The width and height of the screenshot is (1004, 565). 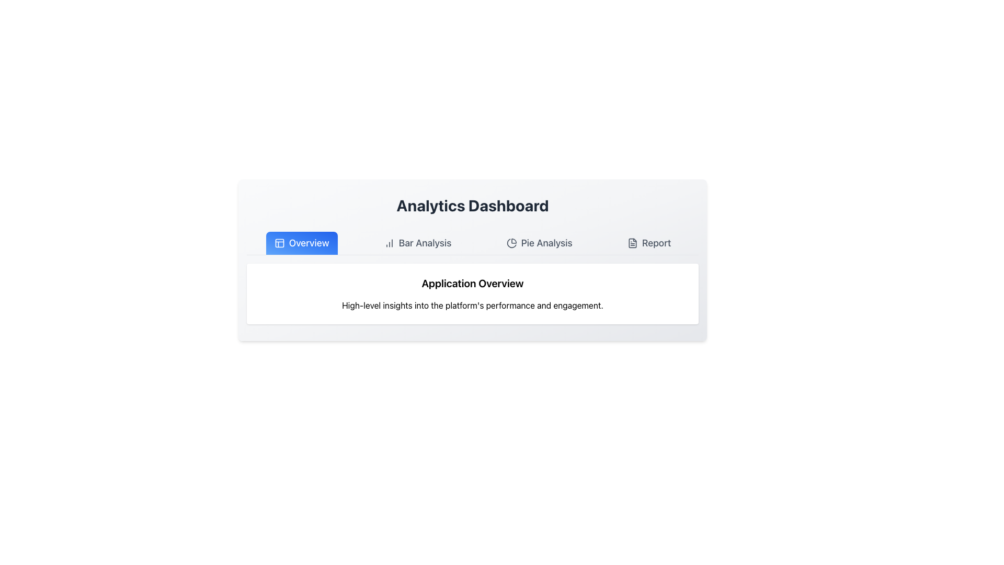 I want to click on the small gray file icon with textual markings located to the left of the 'Report' label in the top right of the navigation bar, so click(x=632, y=243).